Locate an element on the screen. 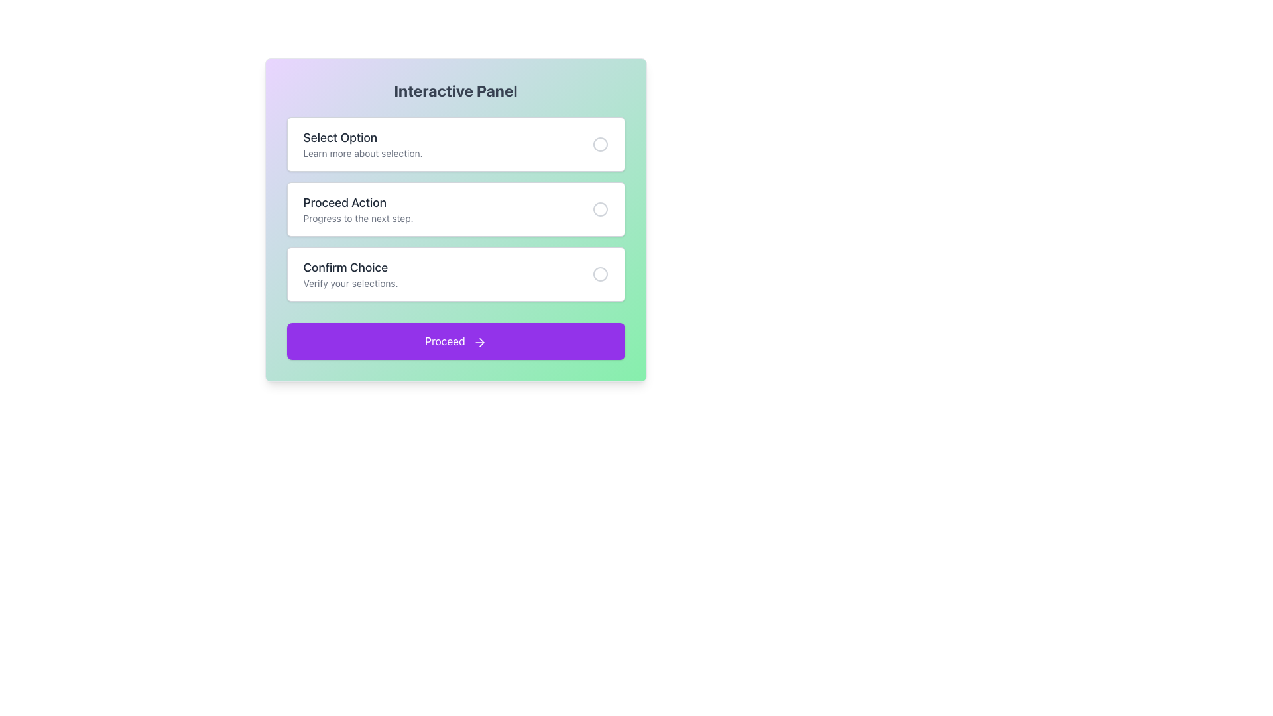  the circular selection indicator for the 'Select Option' is located at coordinates (599, 145).